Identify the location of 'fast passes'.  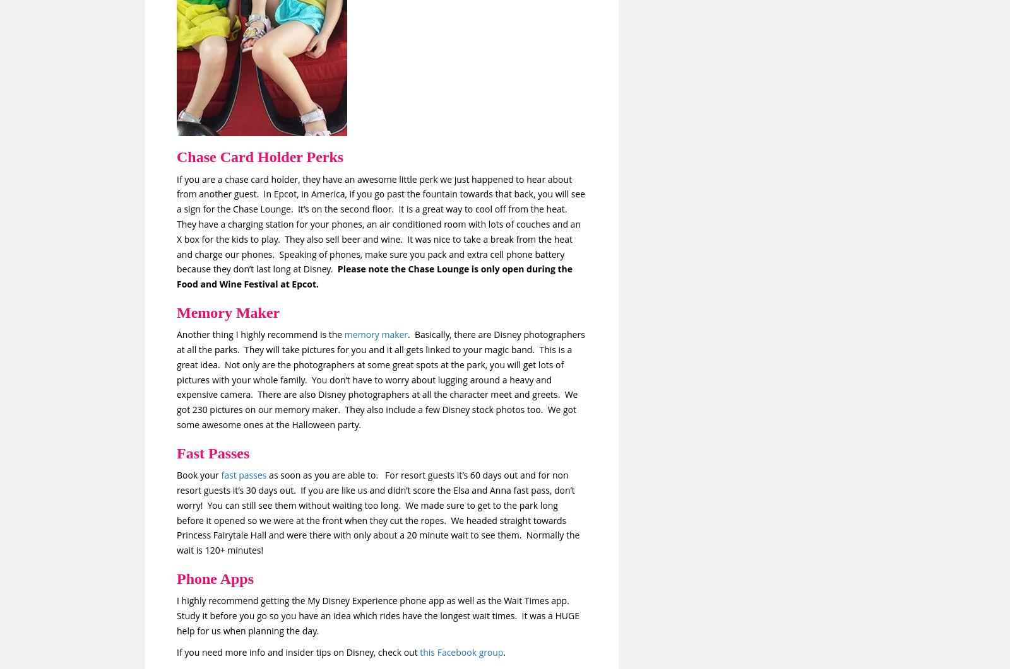
(243, 475).